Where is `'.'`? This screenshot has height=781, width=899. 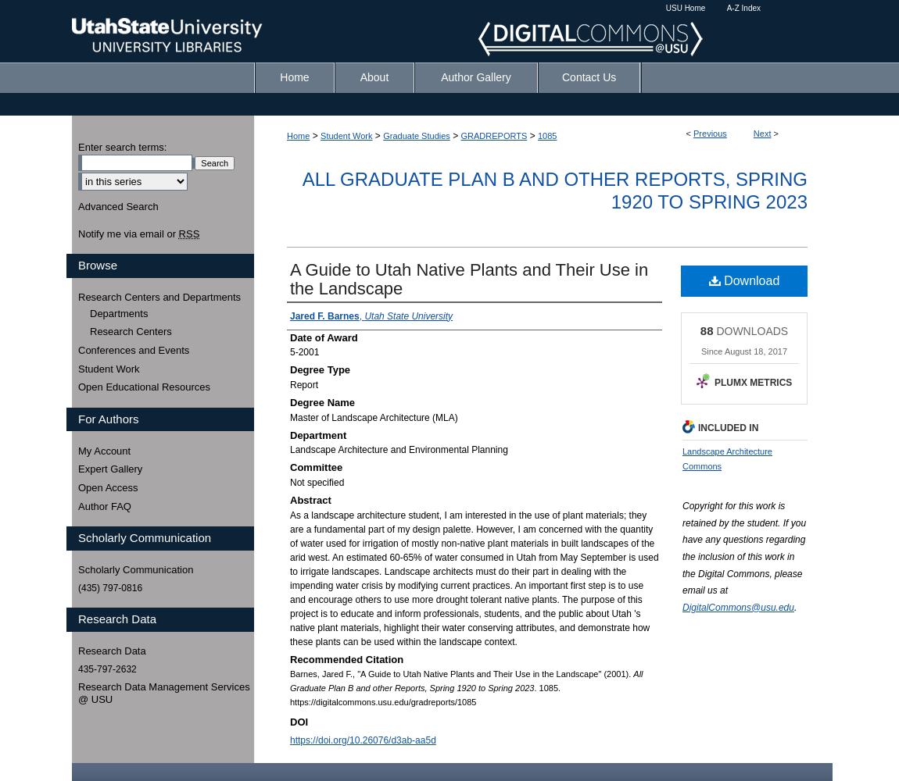 '.' is located at coordinates (794, 607).